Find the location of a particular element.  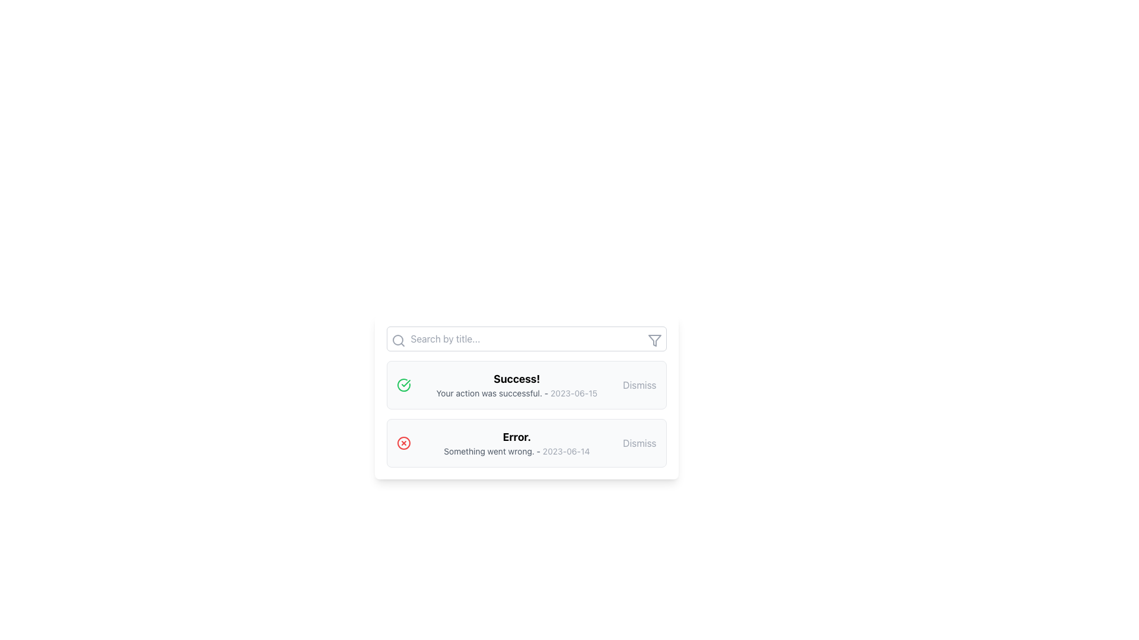

error notification text 'Error.' which is bold and prominently displayed at the bottom section of the notification list is located at coordinates (517, 437).